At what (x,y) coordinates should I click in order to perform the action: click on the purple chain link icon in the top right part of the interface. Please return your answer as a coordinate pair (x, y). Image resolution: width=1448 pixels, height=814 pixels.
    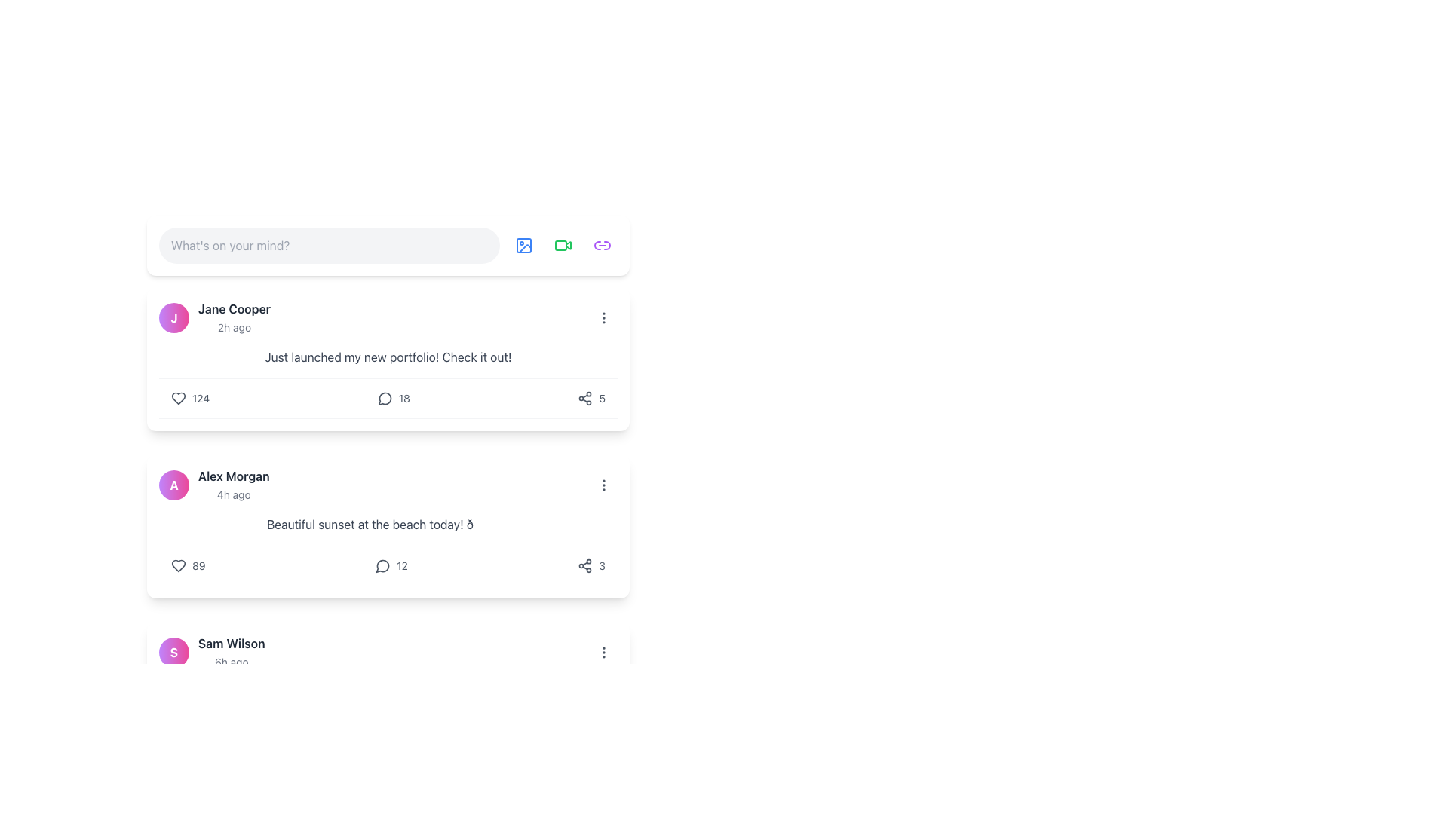
    Looking at the image, I should click on (601, 245).